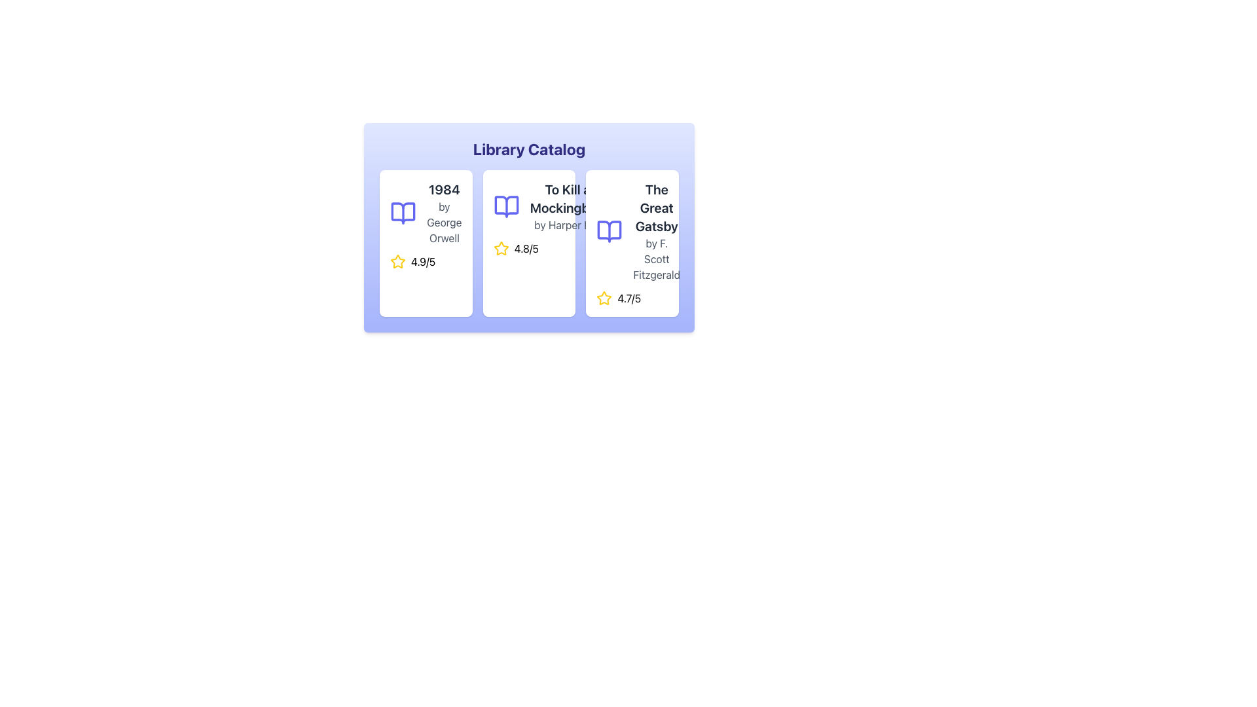 The image size is (1257, 707). Describe the element at coordinates (568, 206) in the screenshot. I see `the text block displaying the book title and author to interact with its linked action` at that location.